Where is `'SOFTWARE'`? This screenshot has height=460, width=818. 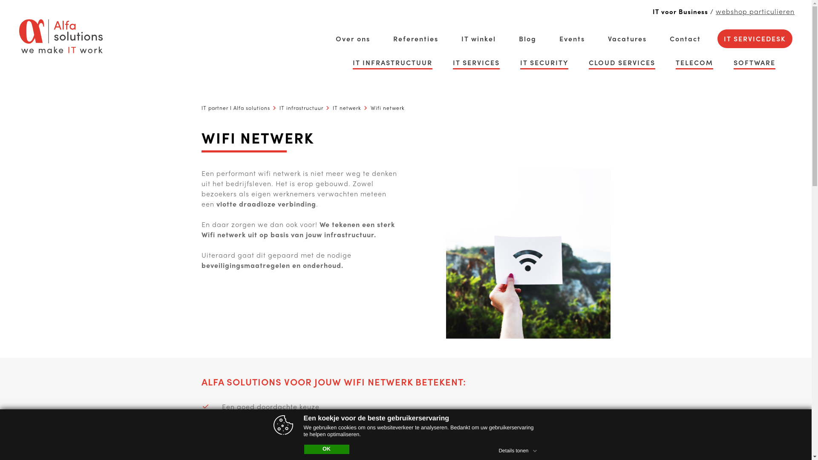
'SOFTWARE' is located at coordinates (755, 62).